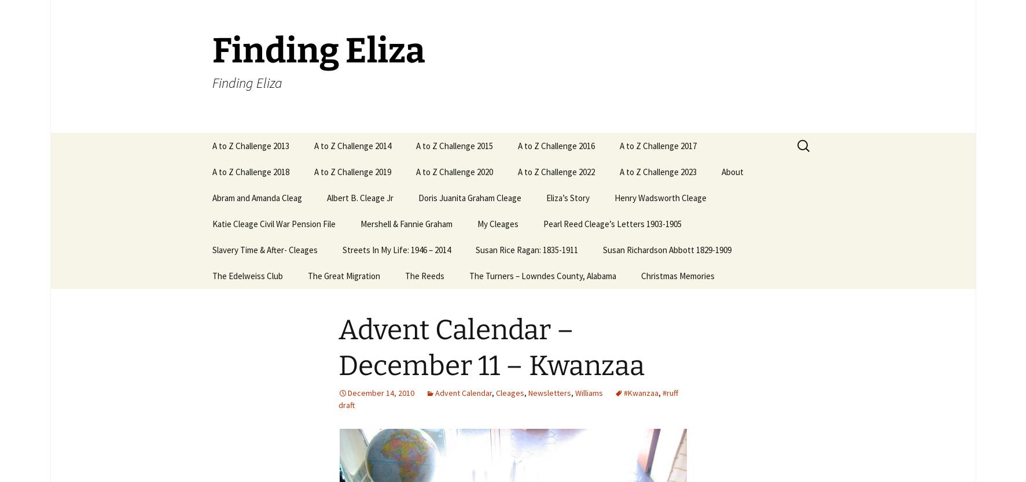 The image size is (1026, 482). Describe the element at coordinates (660, 198) in the screenshot. I see `'Henry Wadsworth Cleage'` at that location.